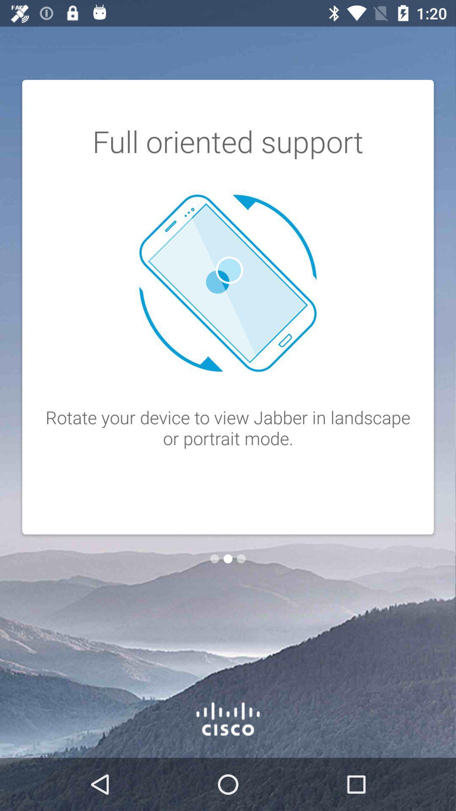 This screenshot has width=456, height=811. Describe the element at coordinates (214, 559) in the screenshot. I see `back` at that location.